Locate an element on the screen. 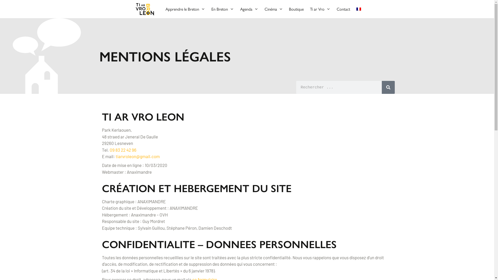 The image size is (498, 280). 'Ti ar Vro' is located at coordinates (320, 9).